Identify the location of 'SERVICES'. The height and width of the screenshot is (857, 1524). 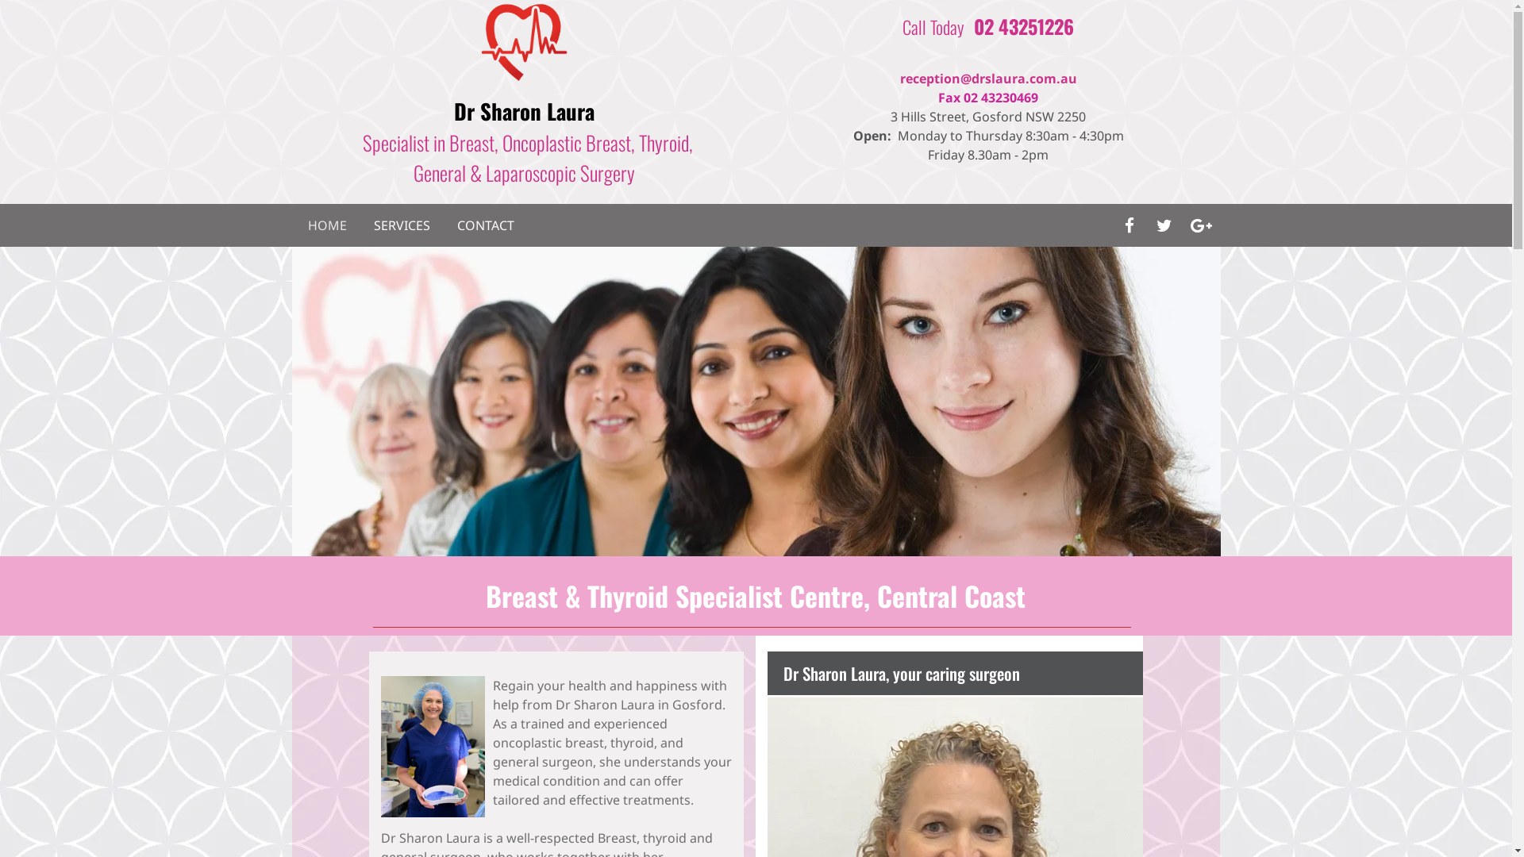
(401, 225).